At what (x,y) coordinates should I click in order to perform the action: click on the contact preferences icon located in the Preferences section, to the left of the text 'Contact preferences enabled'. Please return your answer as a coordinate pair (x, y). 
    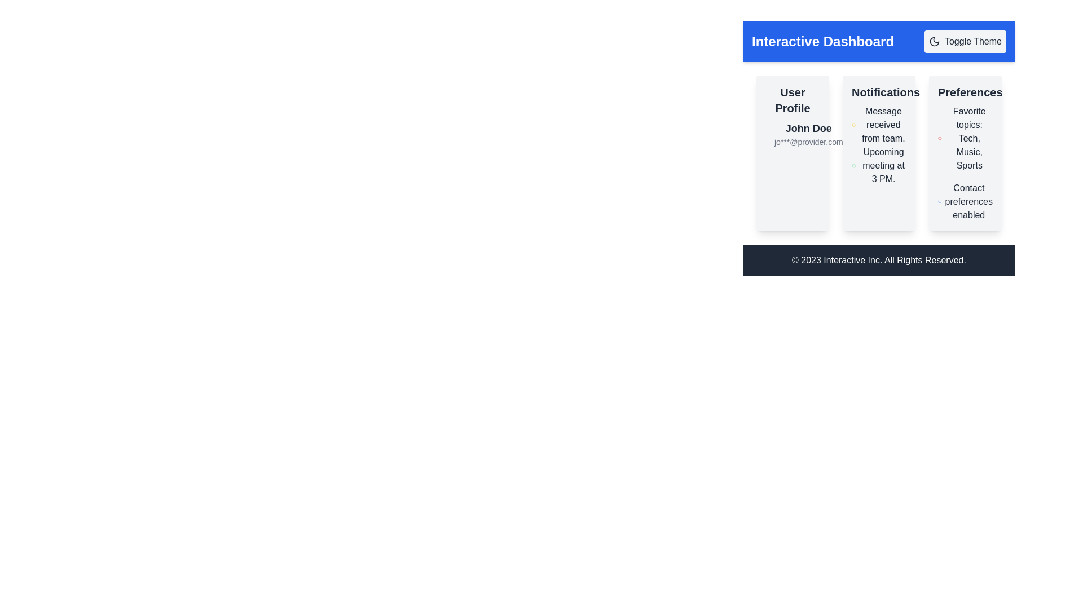
    Looking at the image, I should click on (939, 201).